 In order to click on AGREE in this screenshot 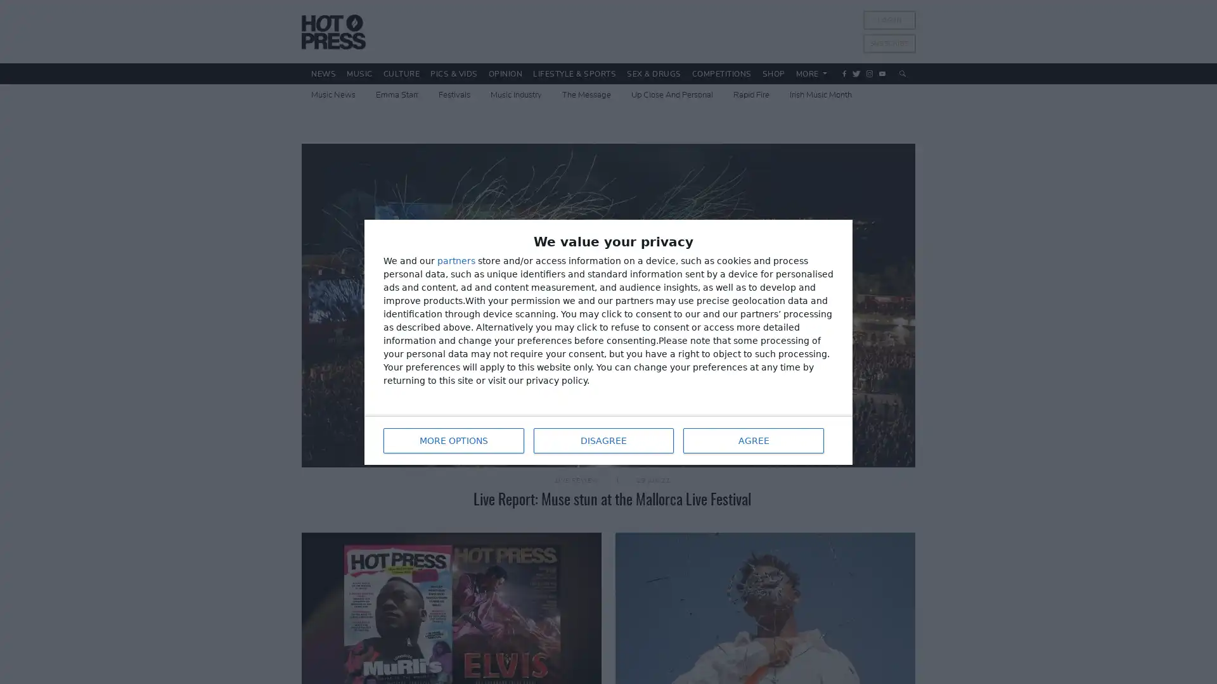, I will do `click(754, 439)`.